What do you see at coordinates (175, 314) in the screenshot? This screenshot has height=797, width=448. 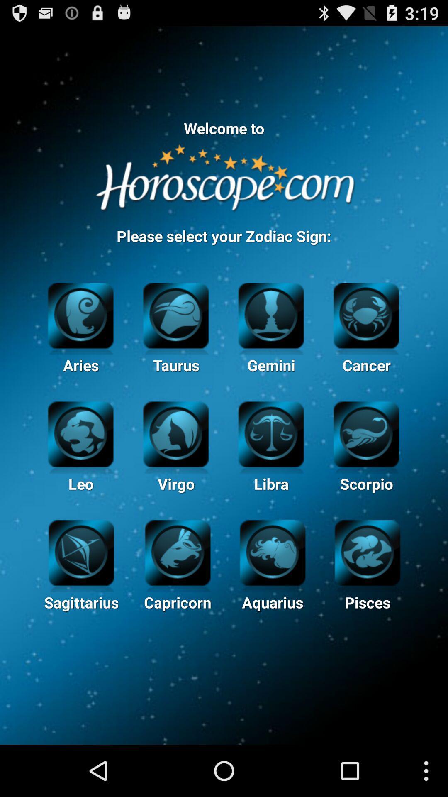 I see `taurus` at bounding box center [175, 314].